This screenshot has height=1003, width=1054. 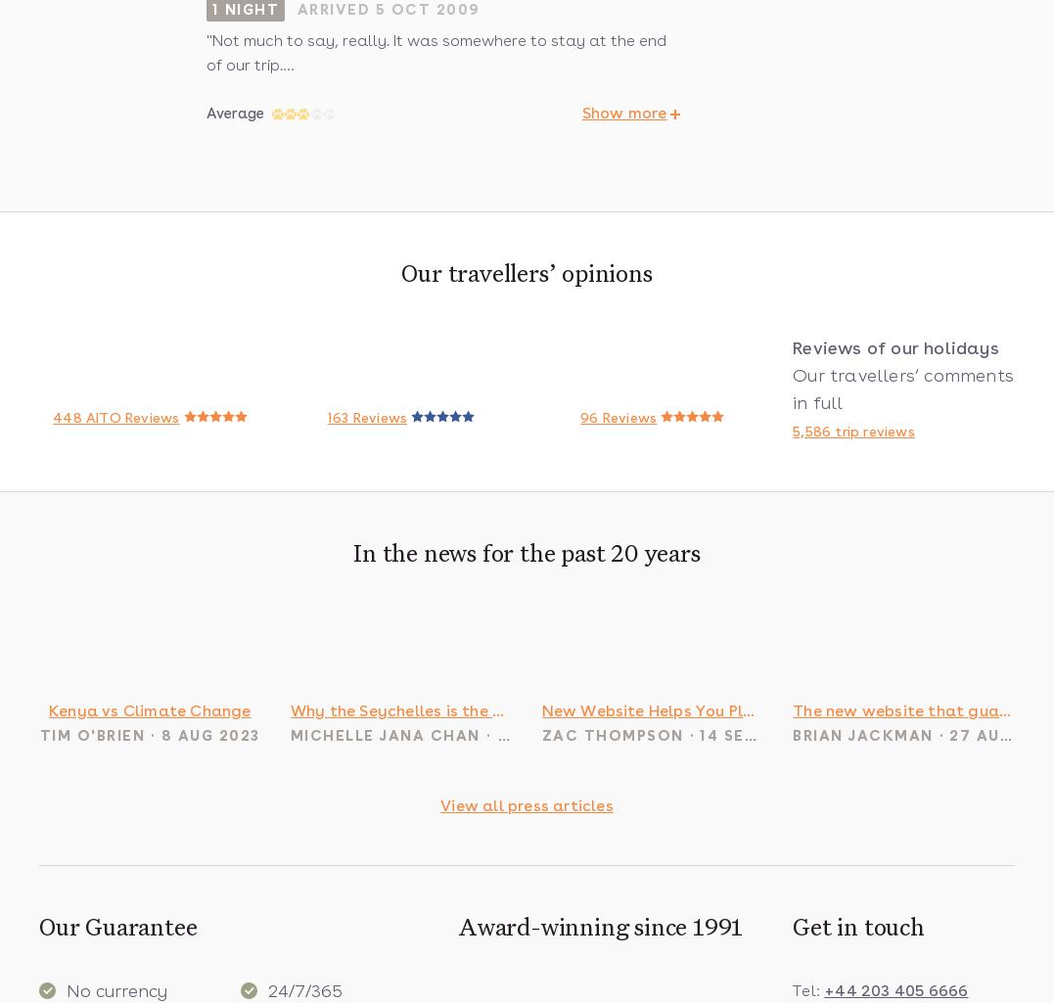 I want to click on 'Get in touch', so click(x=858, y=929).